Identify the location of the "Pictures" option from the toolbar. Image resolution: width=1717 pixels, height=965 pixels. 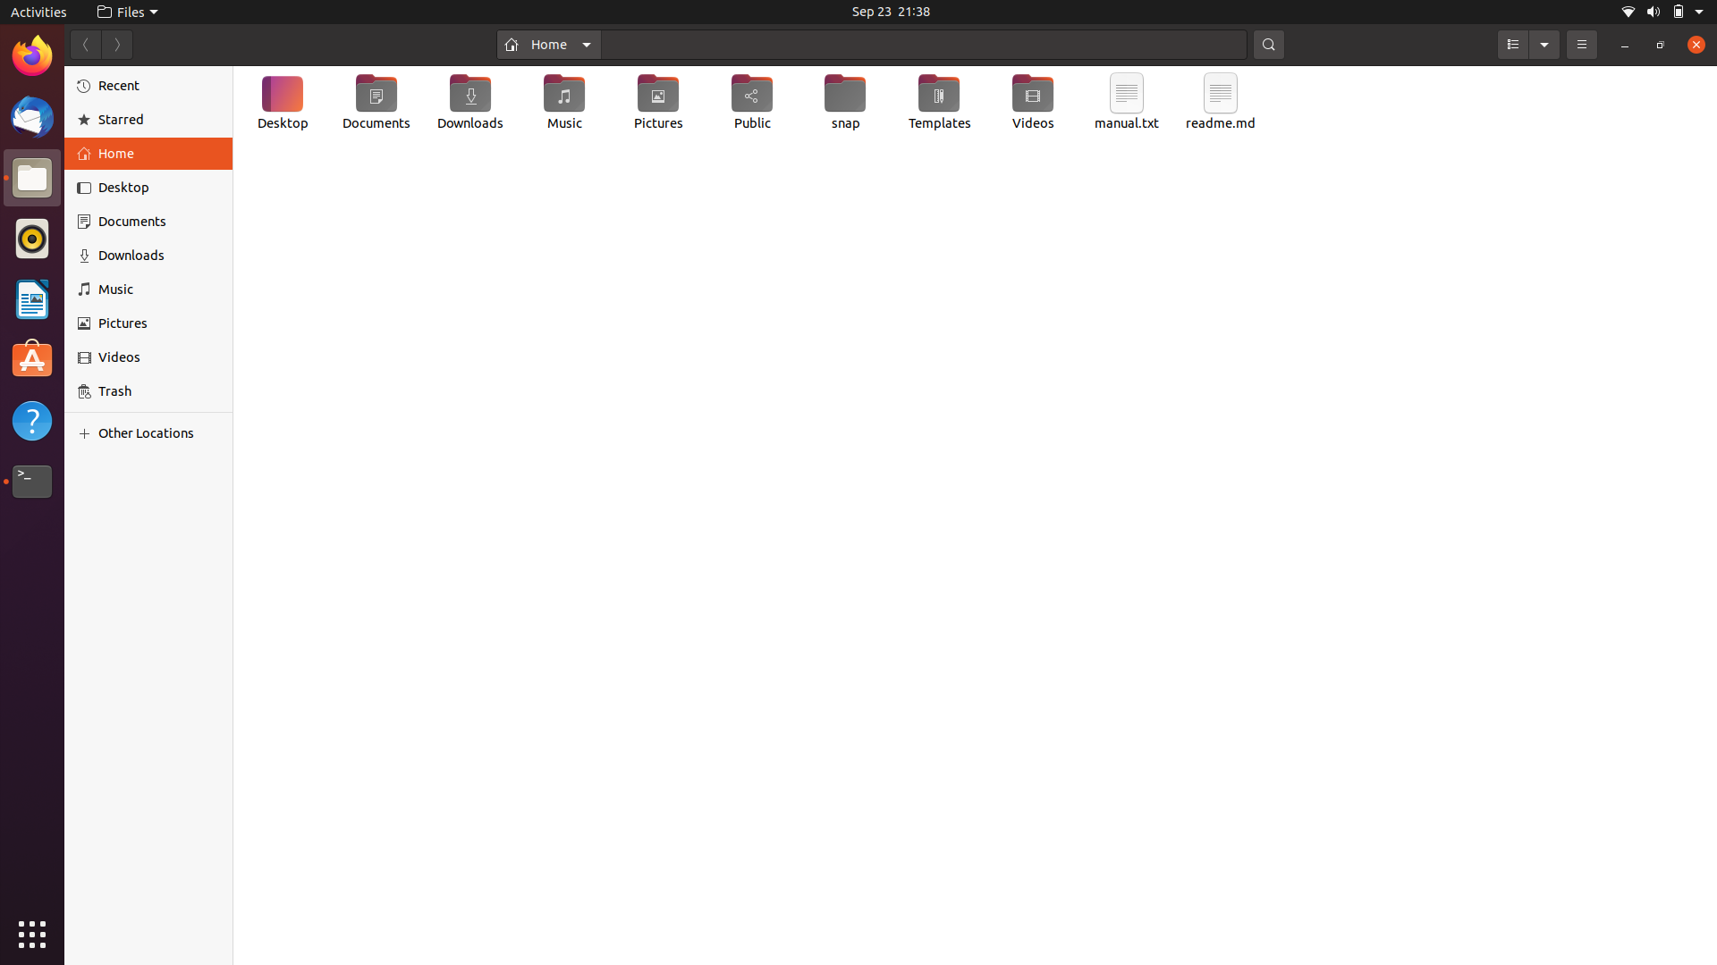
(151, 324).